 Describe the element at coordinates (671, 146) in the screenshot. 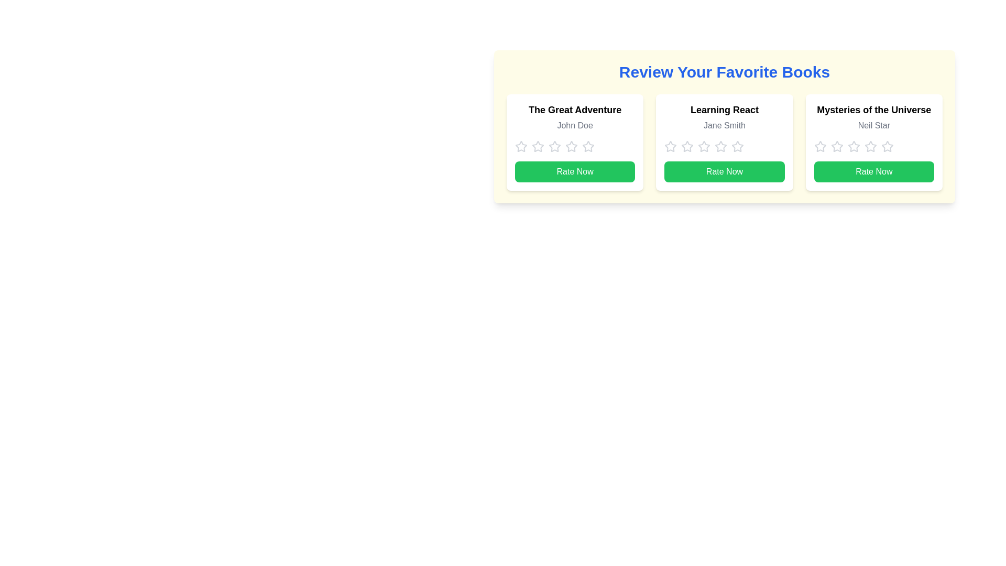

I see `the Star rating icon button located at the center of the second card titled 'Learning React'` at that location.